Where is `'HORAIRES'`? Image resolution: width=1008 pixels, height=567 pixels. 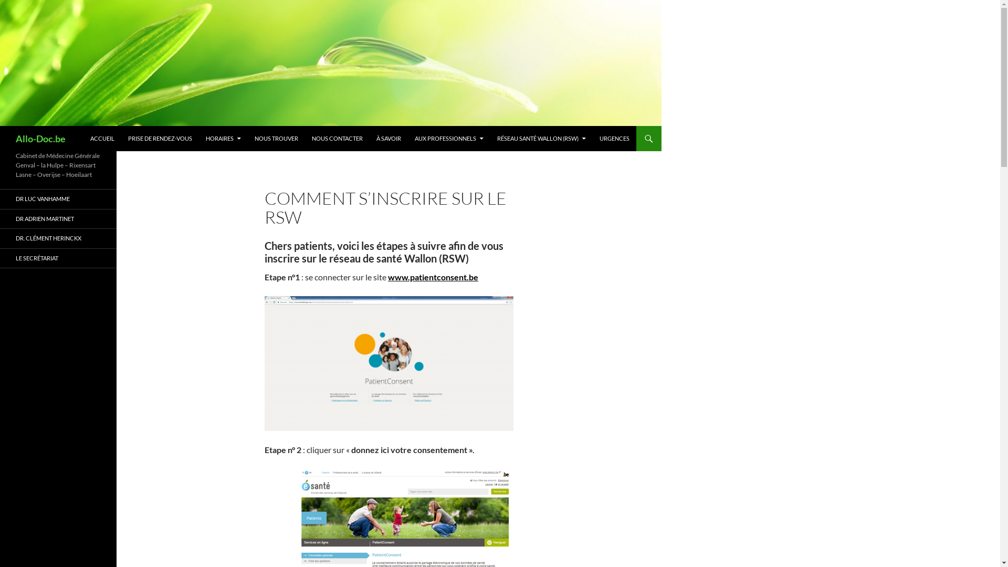
'HORAIRES' is located at coordinates (223, 138).